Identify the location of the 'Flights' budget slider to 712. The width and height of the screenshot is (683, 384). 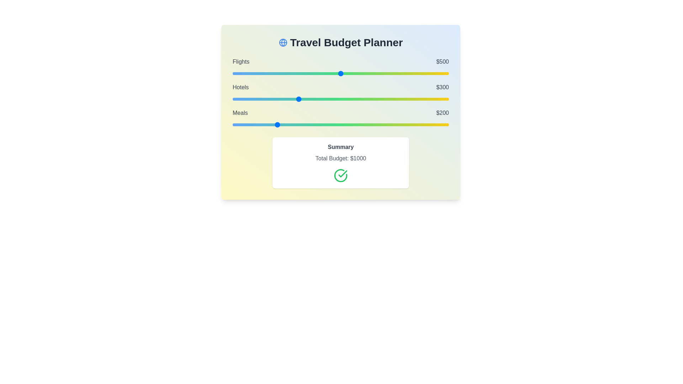
(386, 74).